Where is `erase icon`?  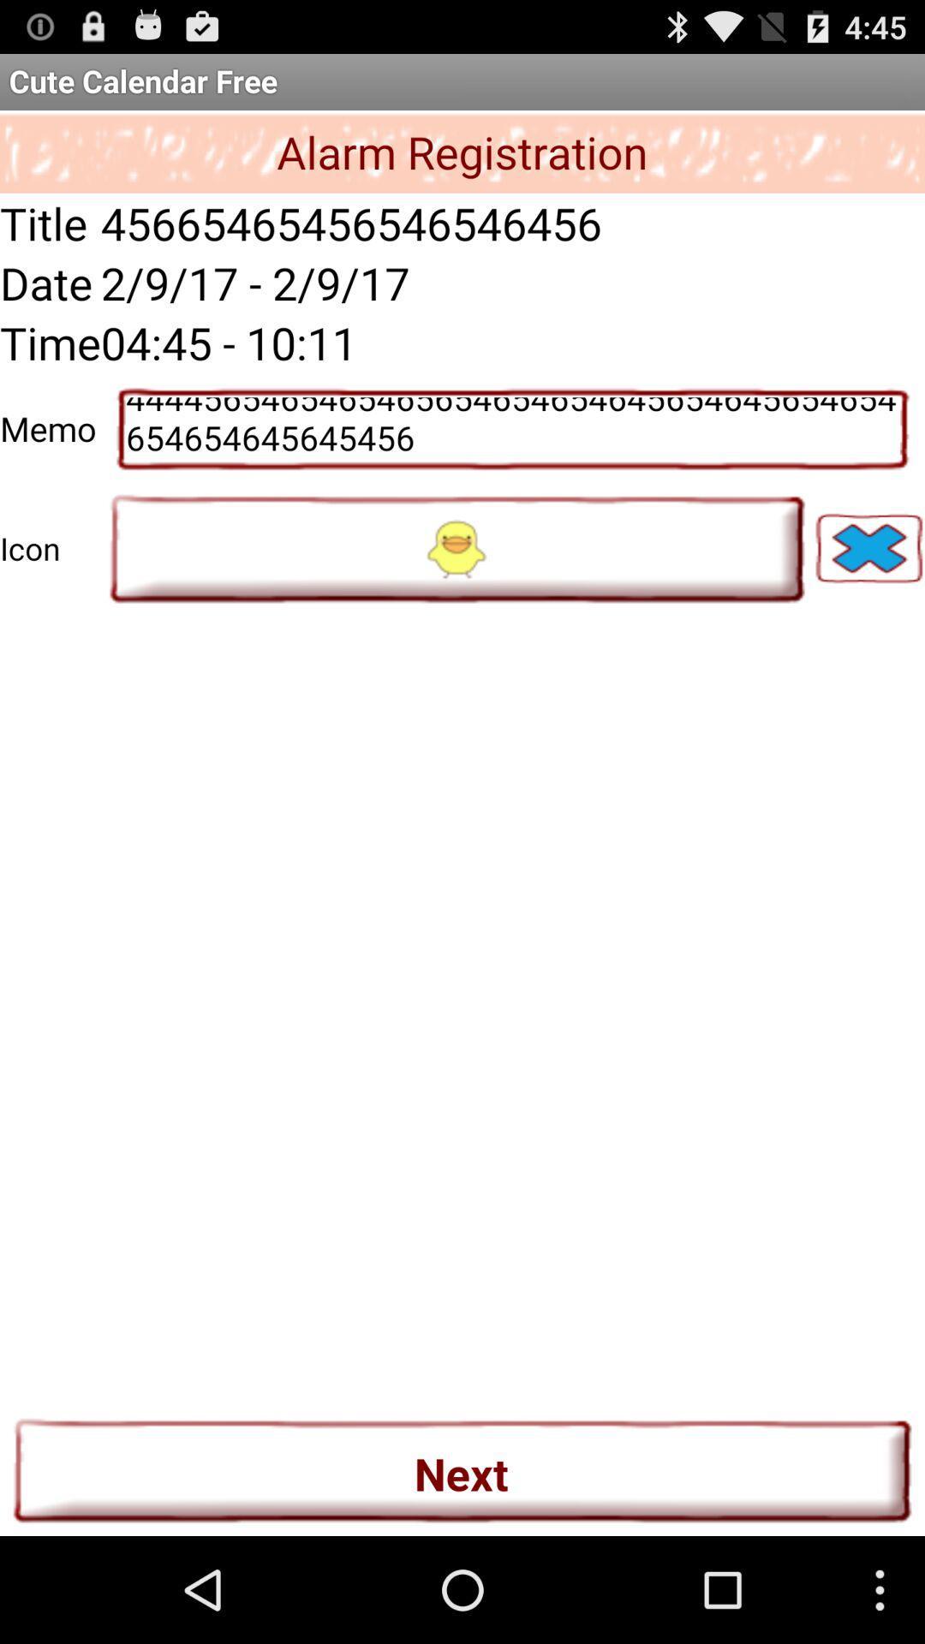
erase icon is located at coordinates (868, 548).